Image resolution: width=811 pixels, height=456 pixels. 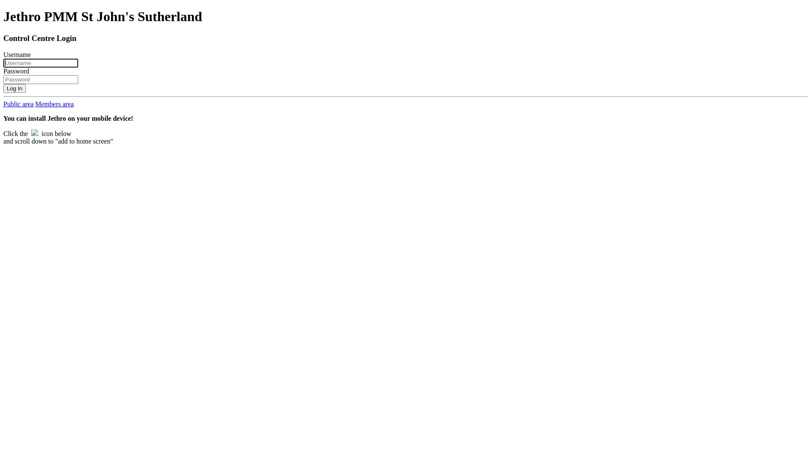 What do you see at coordinates (14, 88) in the screenshot?
I see `'Log In'` at bounding box center [14, 88].